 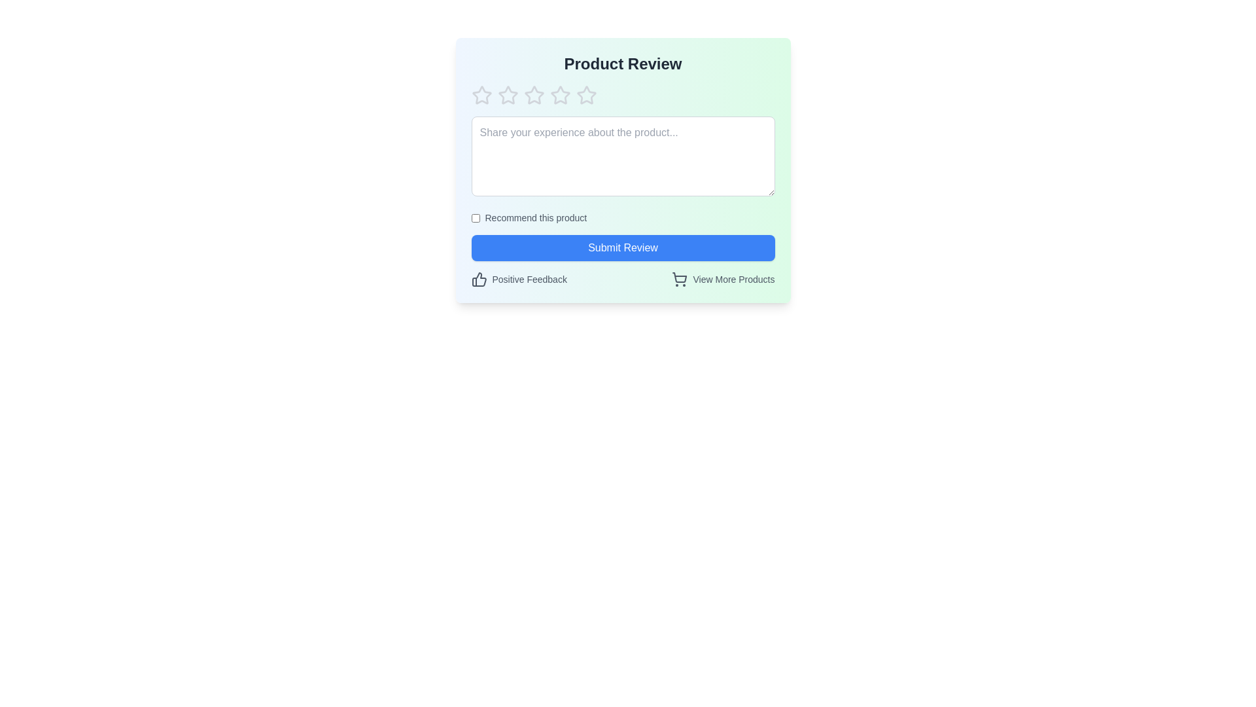 I want to click on the 'Positive Feedback' section to interact with it, so click(x=478, y=279).